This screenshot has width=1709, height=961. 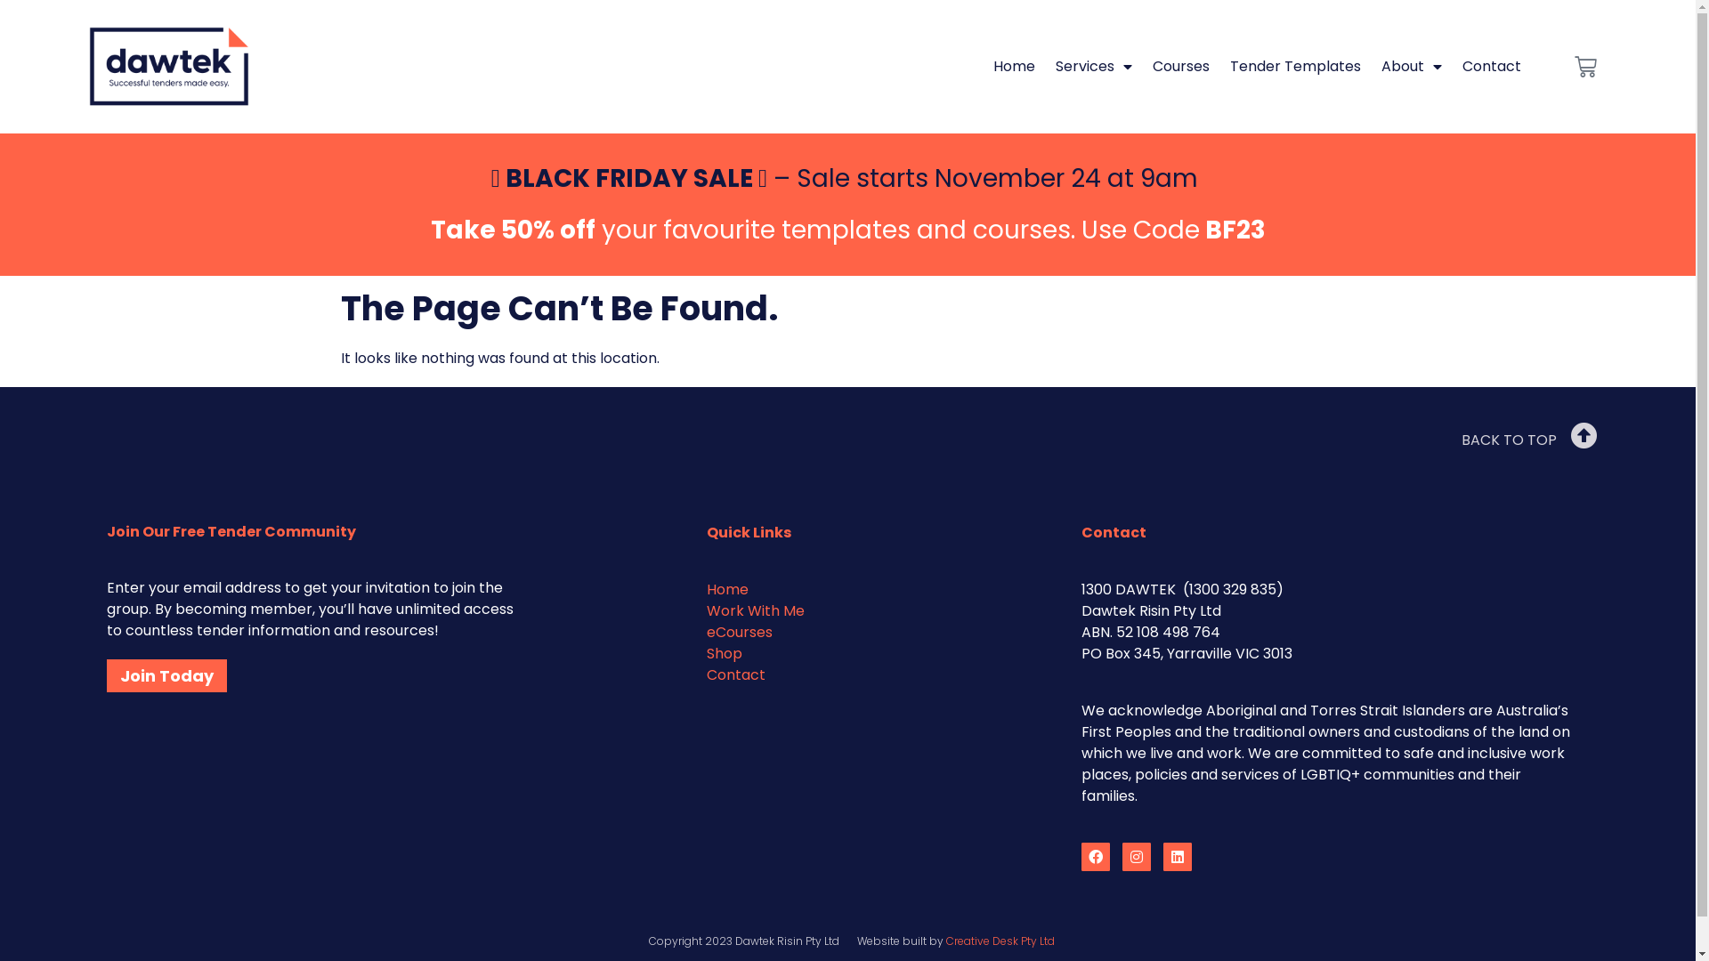 What do you see at coordinates (725, 653) in the screenshot?
I see `'Shop'` at bounding box center [725, 653].